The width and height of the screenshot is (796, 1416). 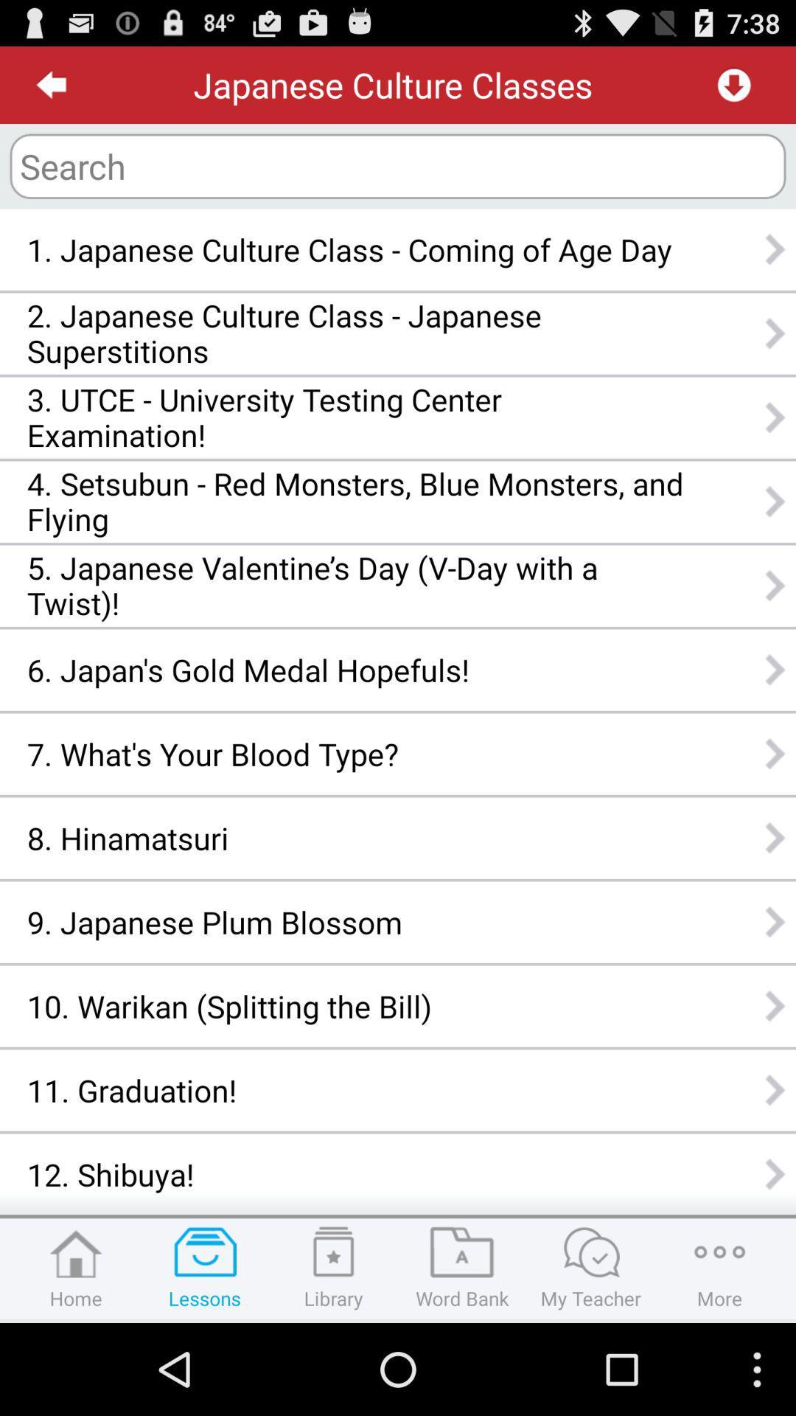 What do you see at coordinates (355, 1090) in the screenshot?
I see `the item above the 12. shibuya! item` at bounding box center [355, 1090].